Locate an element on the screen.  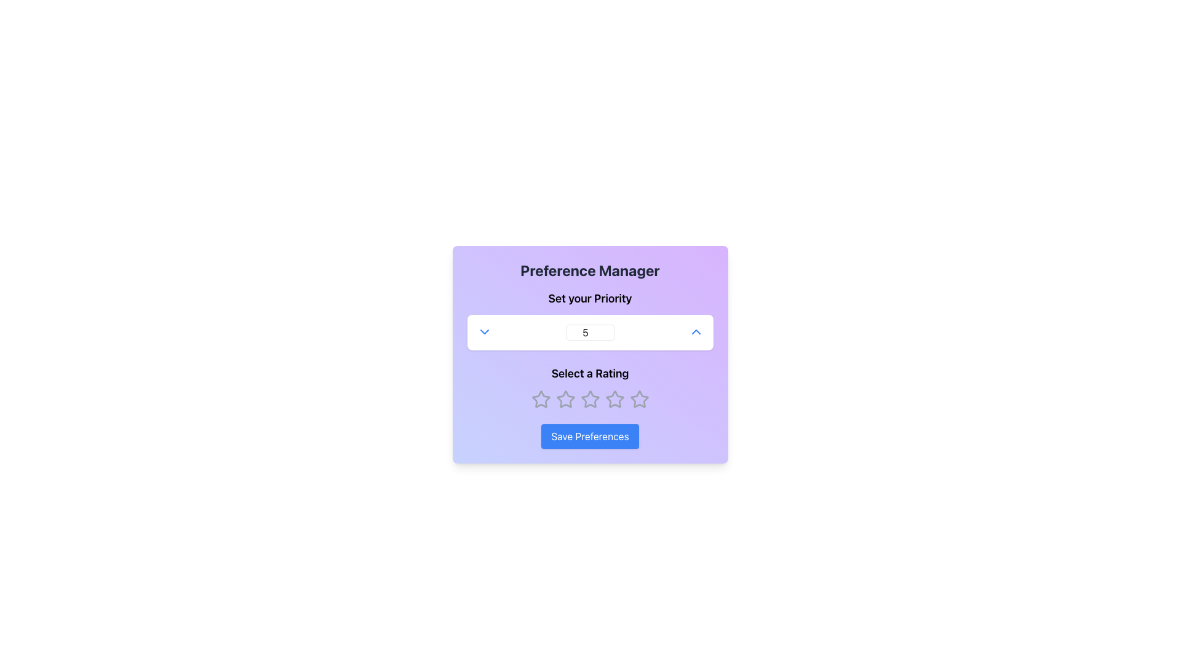
the fourth star icon in the interactive star rating interface is located at coordinates (589, 400).